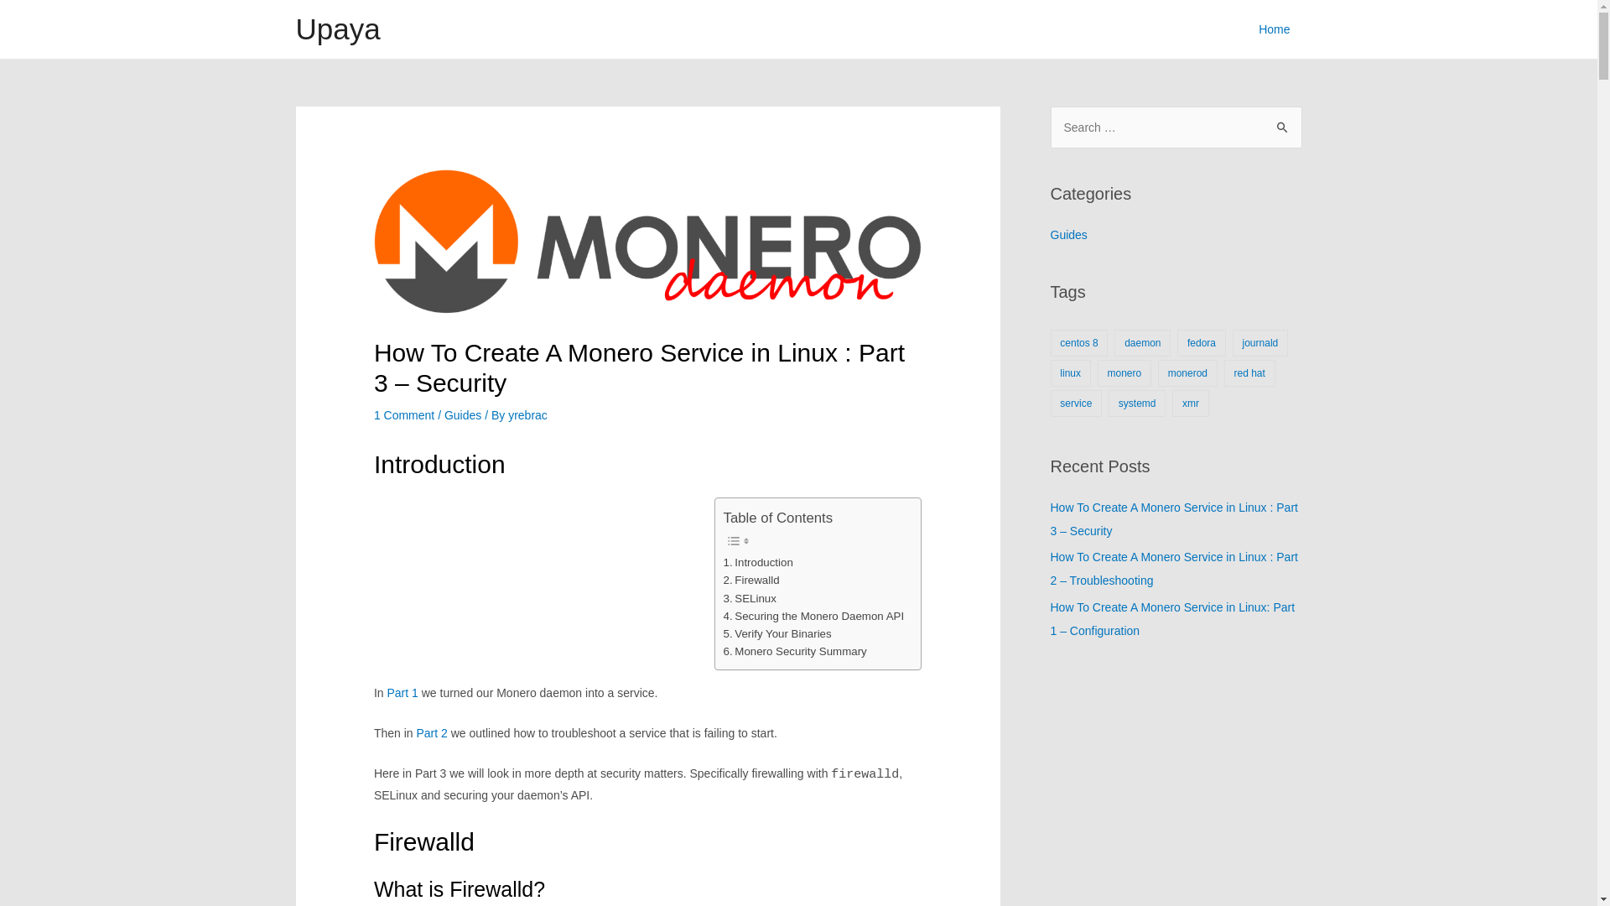 The image size is (1610, 906). What do you see at coordinates (1049, 372) in the screenshot?
I see `'linux'` at bounding box center [1049, 372].